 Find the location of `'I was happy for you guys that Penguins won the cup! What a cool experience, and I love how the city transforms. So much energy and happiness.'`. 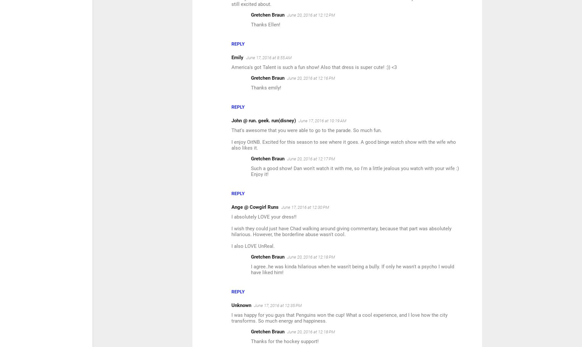

'I was happy for you guys that Penguins won the cup! What a cool experience, and I love how the city transforms. So much energy and happiness.' is located at coordinates (231, 318).